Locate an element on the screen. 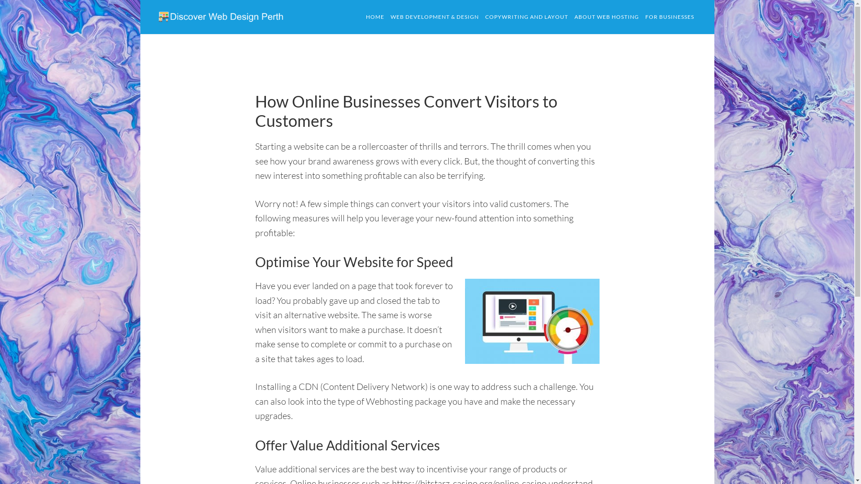  'ABOUT WEB HOSTING' is located at coordinates (607, 17).